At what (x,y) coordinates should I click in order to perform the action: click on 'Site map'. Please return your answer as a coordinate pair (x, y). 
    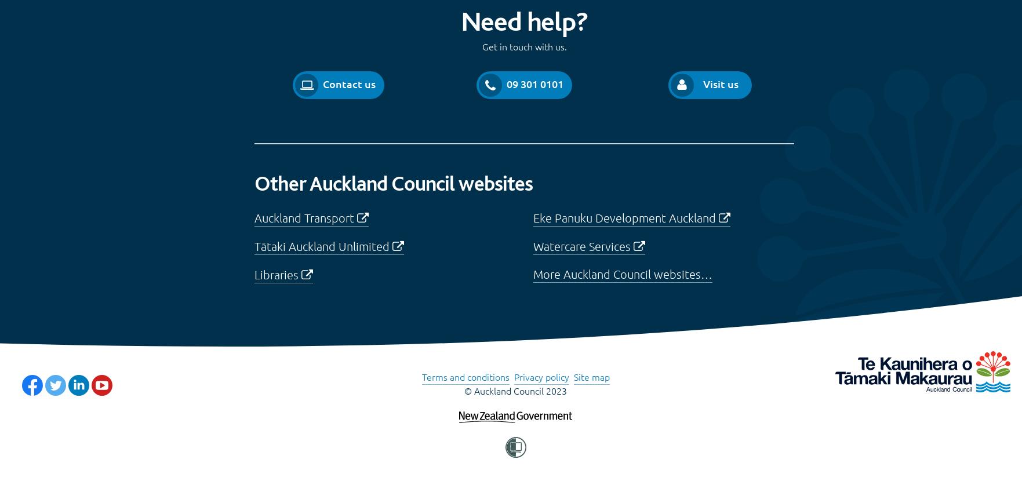
    Looking at the image, I should click on (591, 376).